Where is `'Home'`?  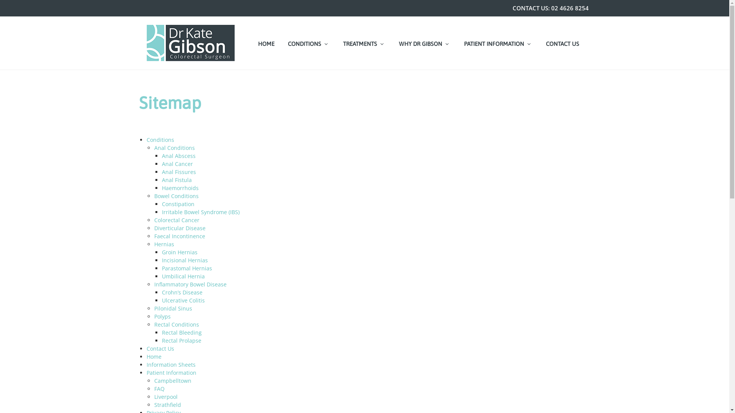 'Home' is located at coordinates (153, 356).